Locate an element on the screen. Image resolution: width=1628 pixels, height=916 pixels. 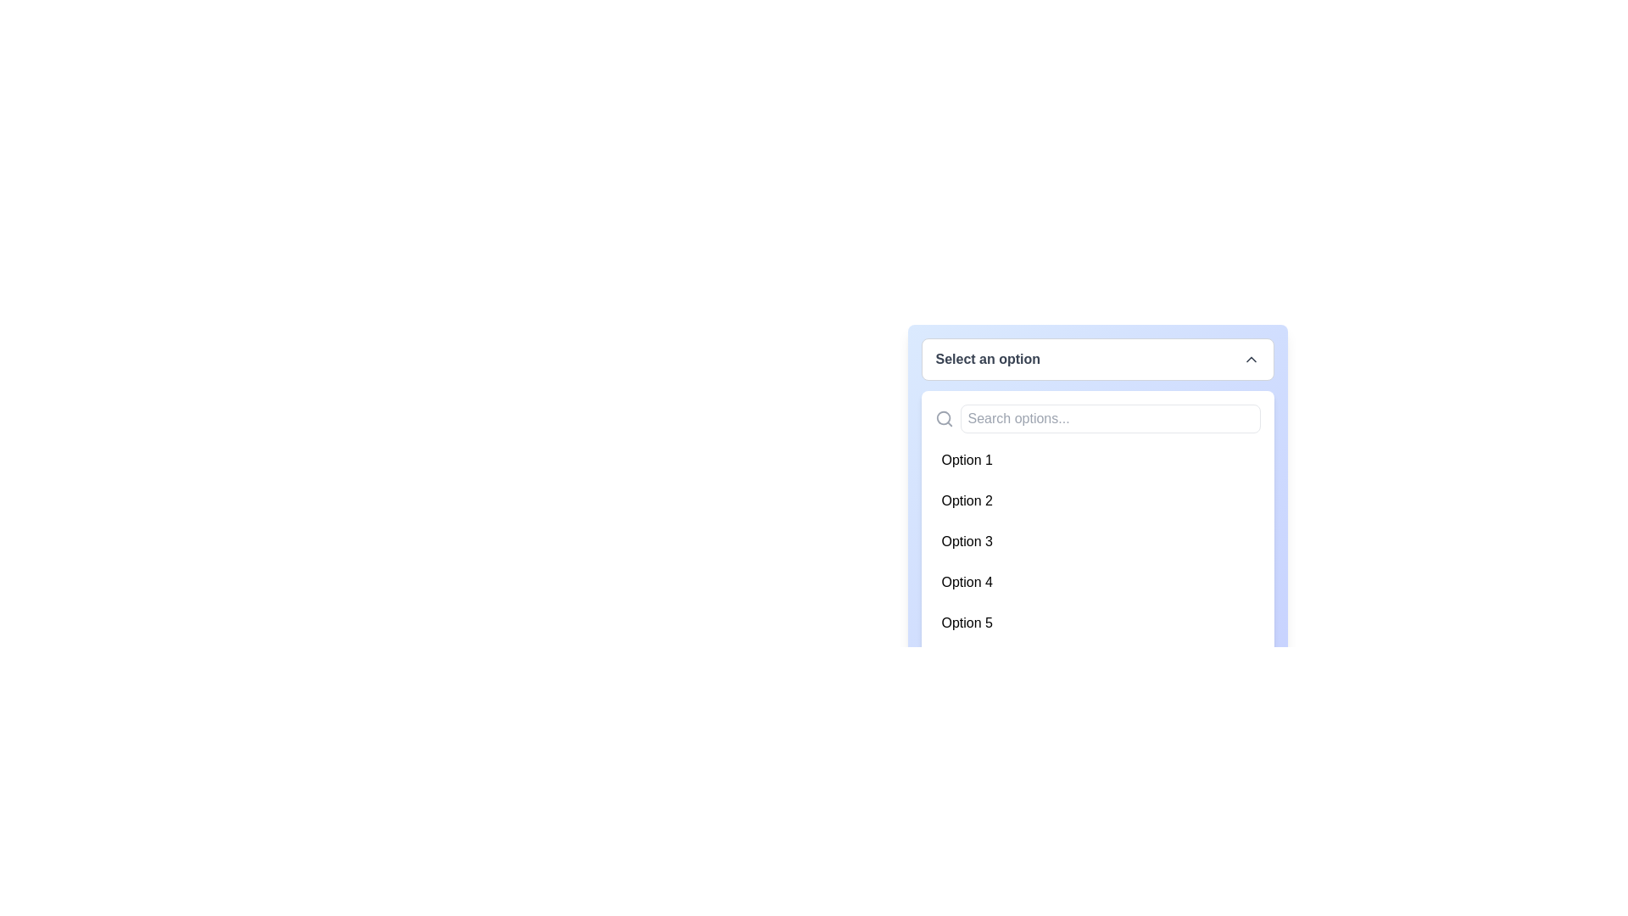
the first option labeled 'Option 1' in the dropdown menu is located at coordinates (967, 461).